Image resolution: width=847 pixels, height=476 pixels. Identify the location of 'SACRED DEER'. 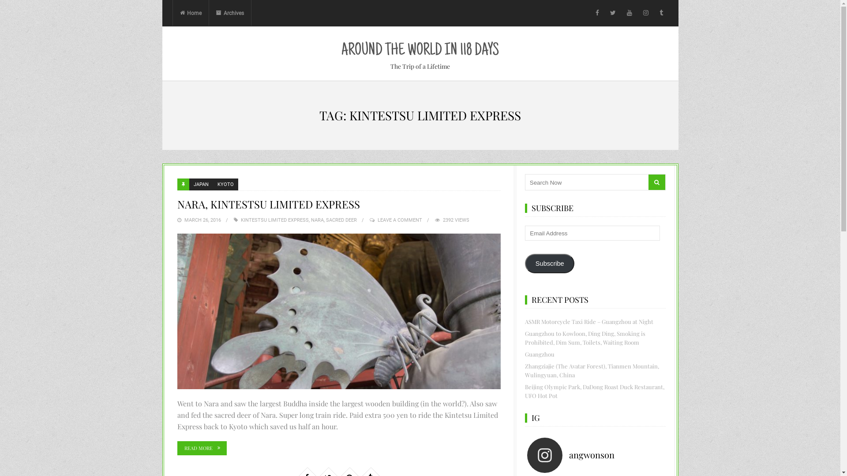
(340, 219).